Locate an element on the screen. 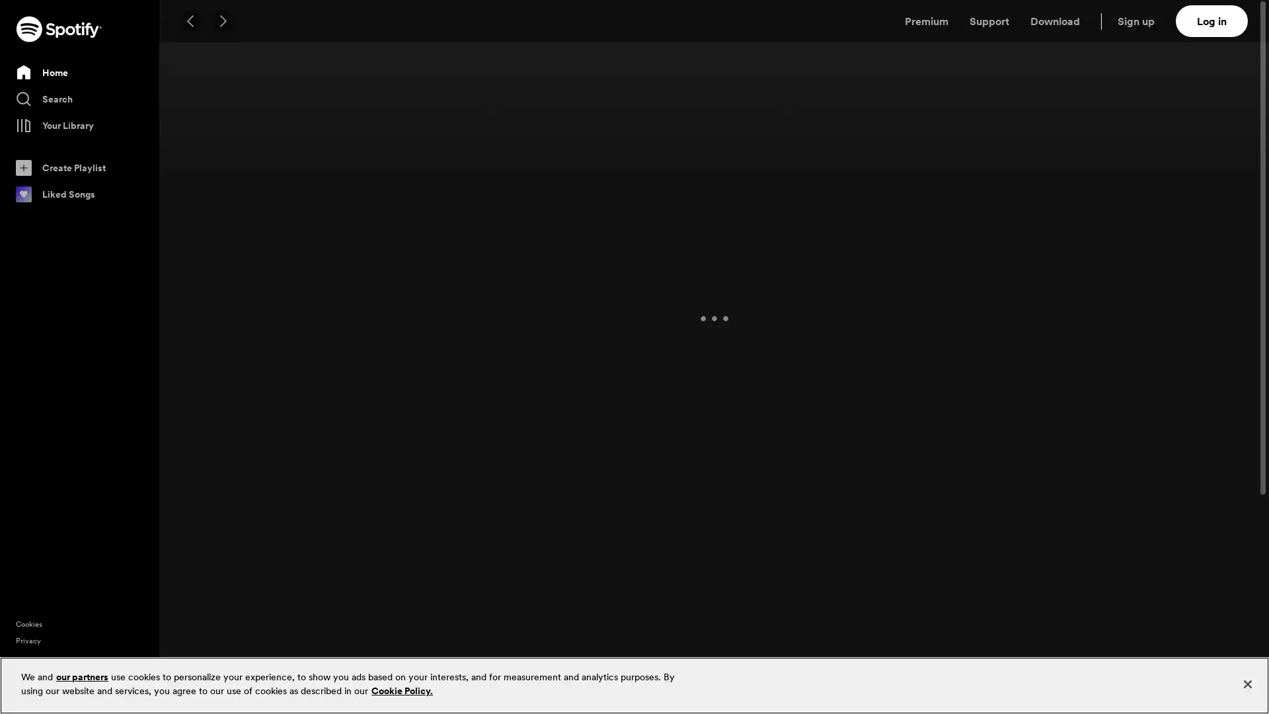  Play sad hour is located at coordinates (944, 664).